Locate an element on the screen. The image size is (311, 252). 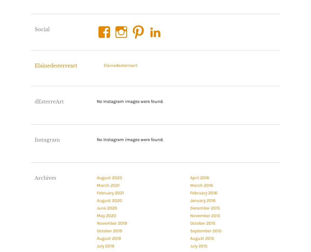
'October 2019' is located at coordinates (109, 230).